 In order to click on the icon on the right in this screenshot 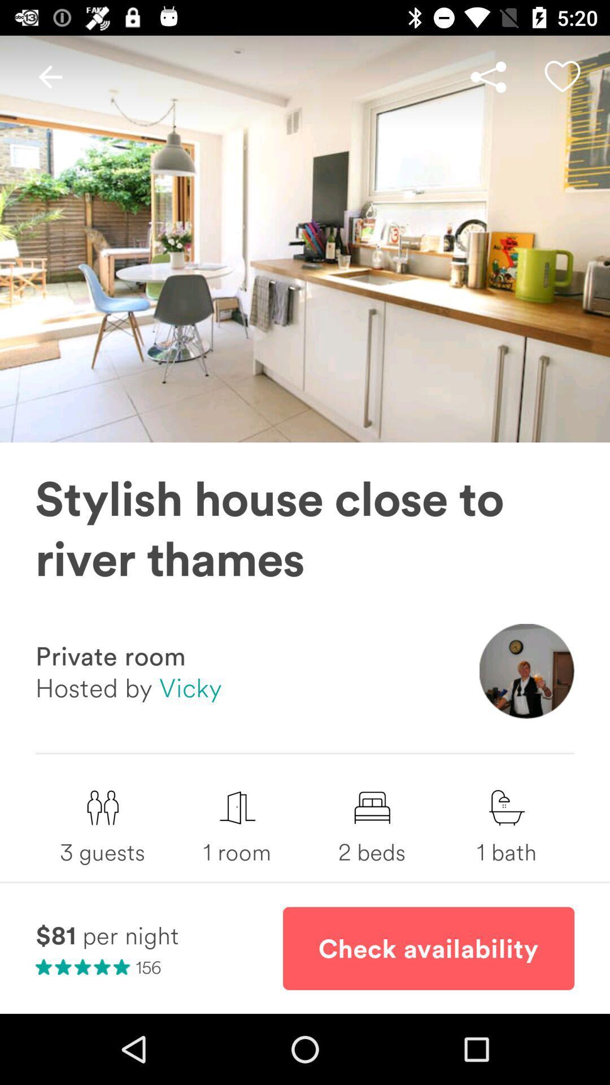, I will do `click(527, 671)`.